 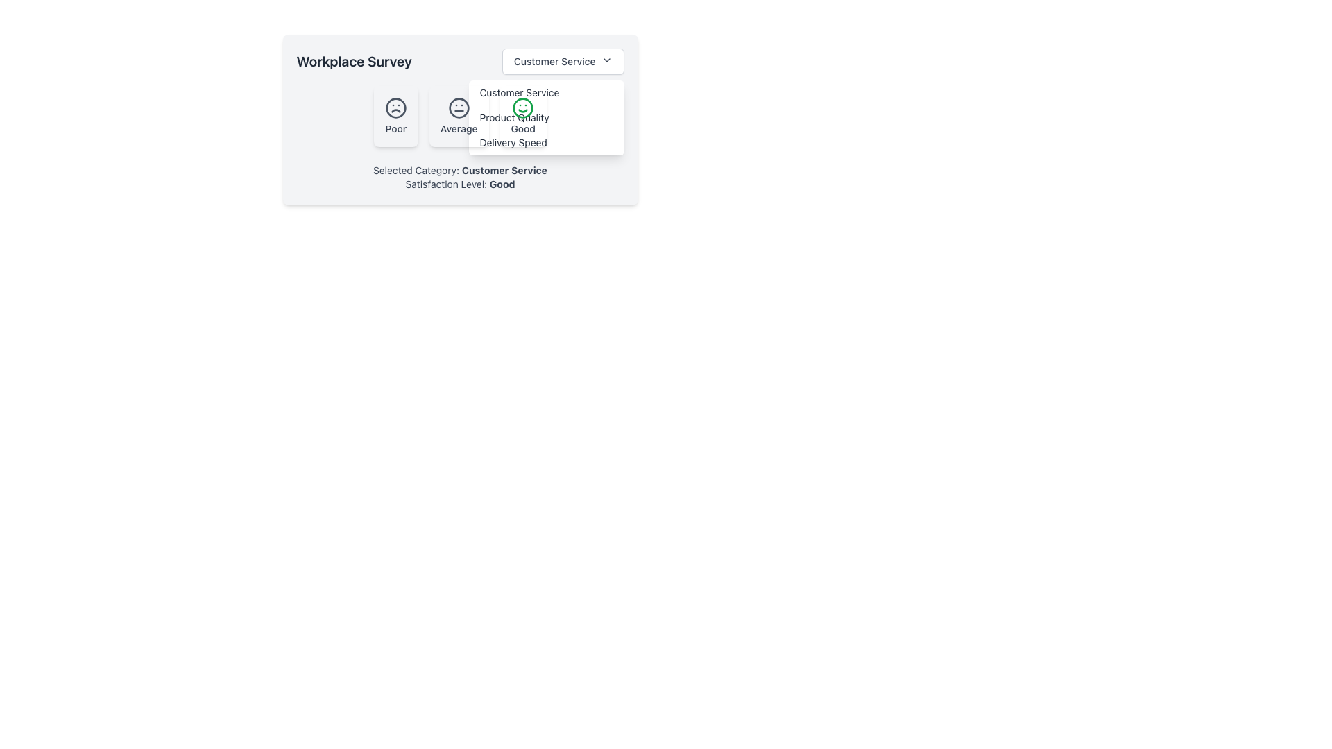 What do you see at coordinates (460, 116) in the screenshot?
I see `the 'Average' rating option button located in the rating bar below the 'Workplace Survey' headline` at bounding box center [460, 116].